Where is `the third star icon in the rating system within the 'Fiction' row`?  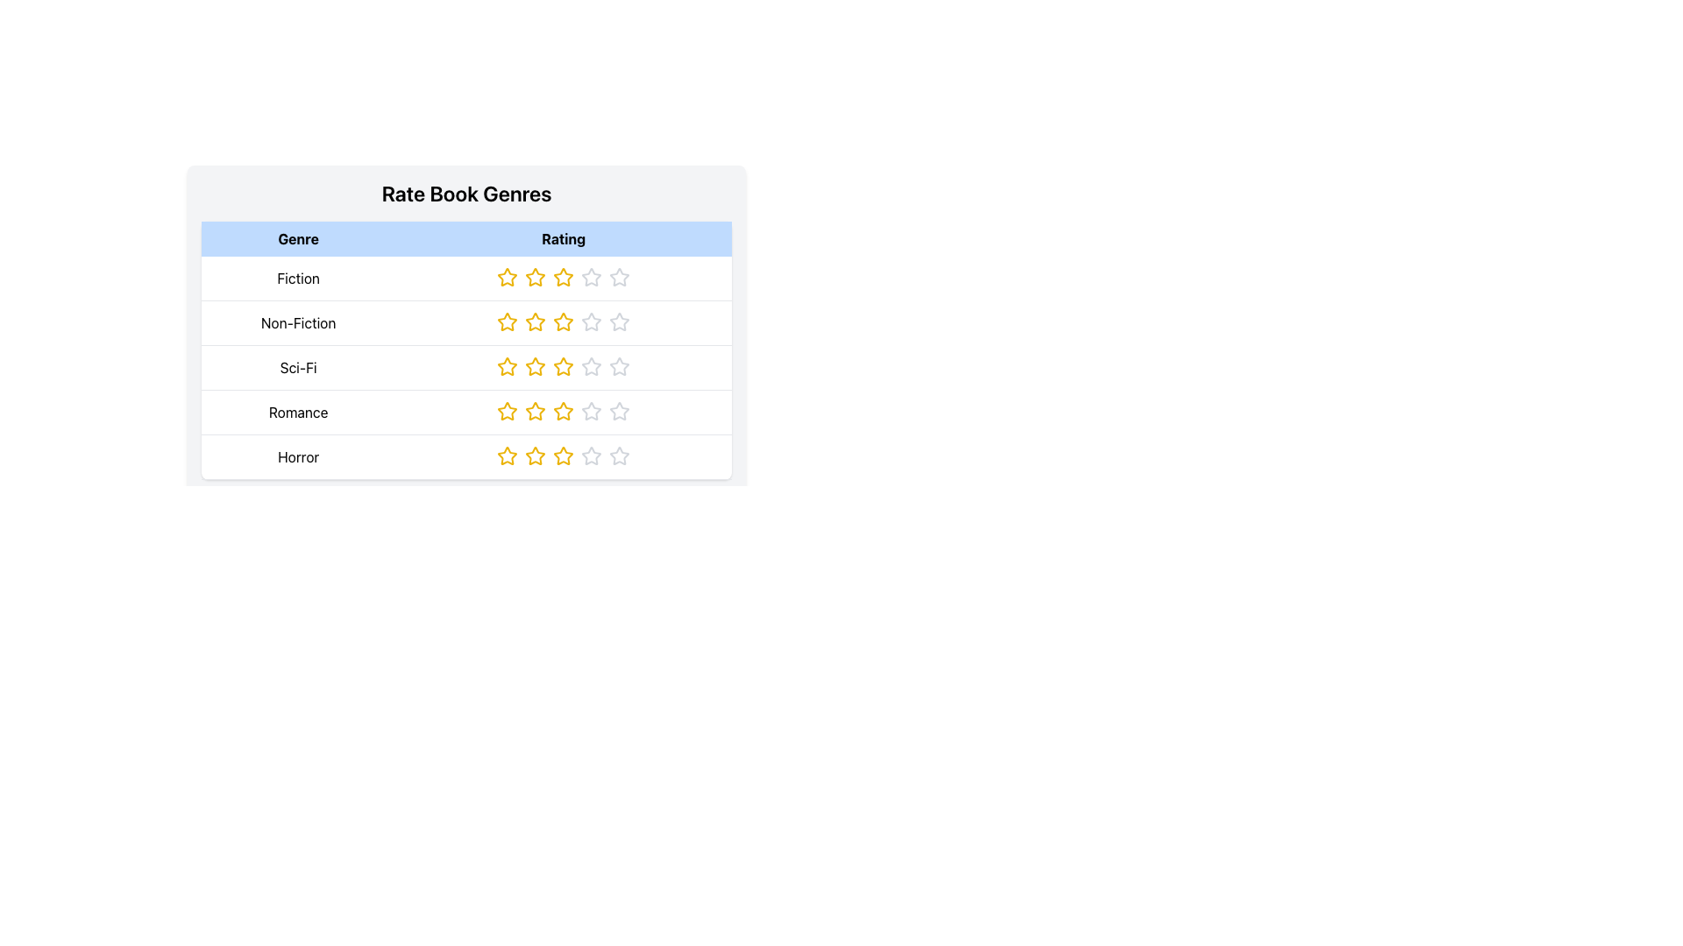 the third star icon in the rating system within the 'Fiction' row is located at coordinates (564, 278).